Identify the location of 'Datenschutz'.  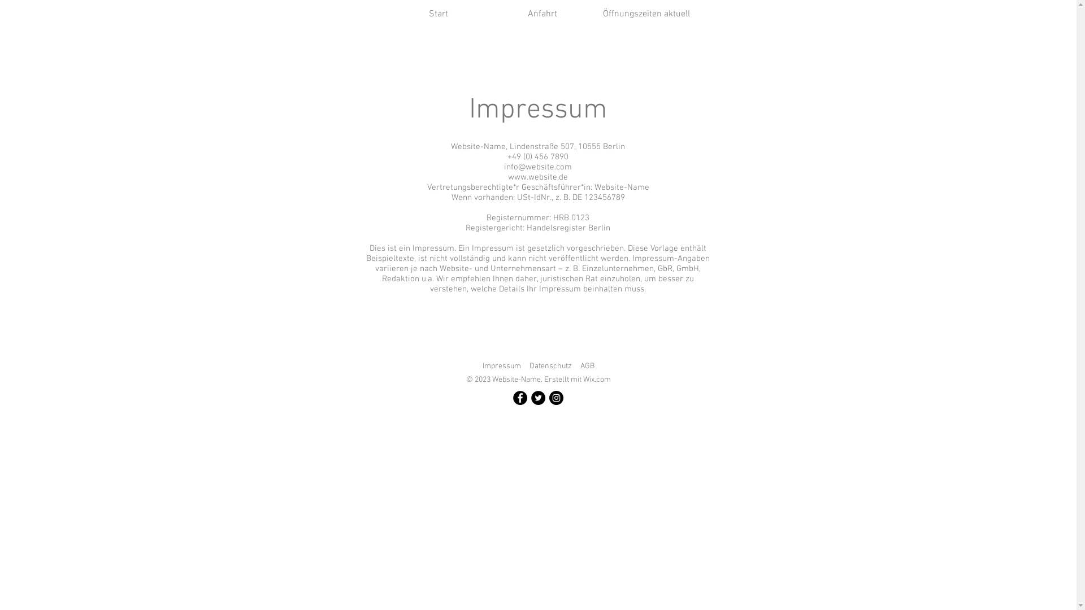
(550, 366).